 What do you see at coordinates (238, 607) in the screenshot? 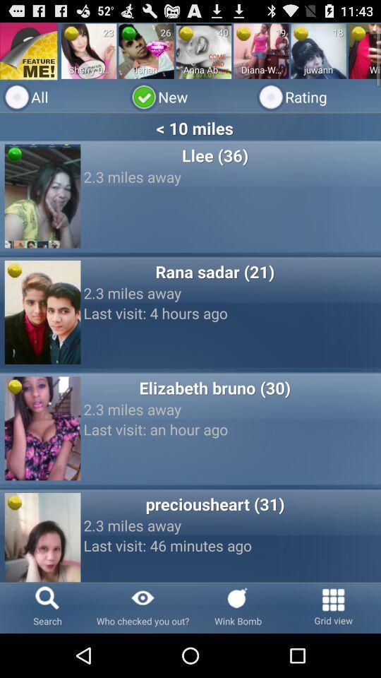
I see `the icon next to the grid view button` at bounding box center [238, 607].